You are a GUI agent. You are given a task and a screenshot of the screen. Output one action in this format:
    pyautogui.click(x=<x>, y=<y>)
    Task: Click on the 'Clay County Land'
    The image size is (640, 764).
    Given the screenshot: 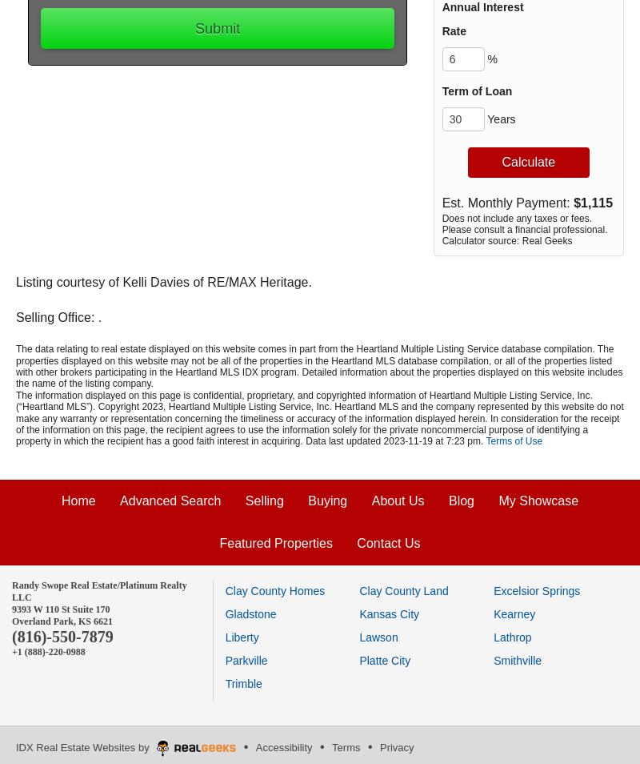 What is the action you would take?
    pyautogui.click(x=402, y=591)
    